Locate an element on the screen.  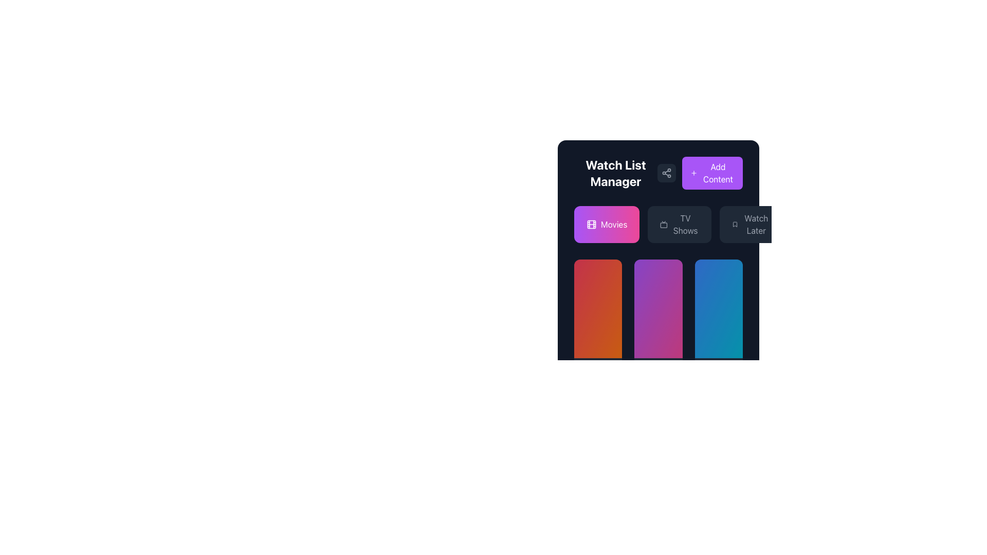
the second button in the horizontal group, which navigates to TV shows is located at coordinates (659, 244).